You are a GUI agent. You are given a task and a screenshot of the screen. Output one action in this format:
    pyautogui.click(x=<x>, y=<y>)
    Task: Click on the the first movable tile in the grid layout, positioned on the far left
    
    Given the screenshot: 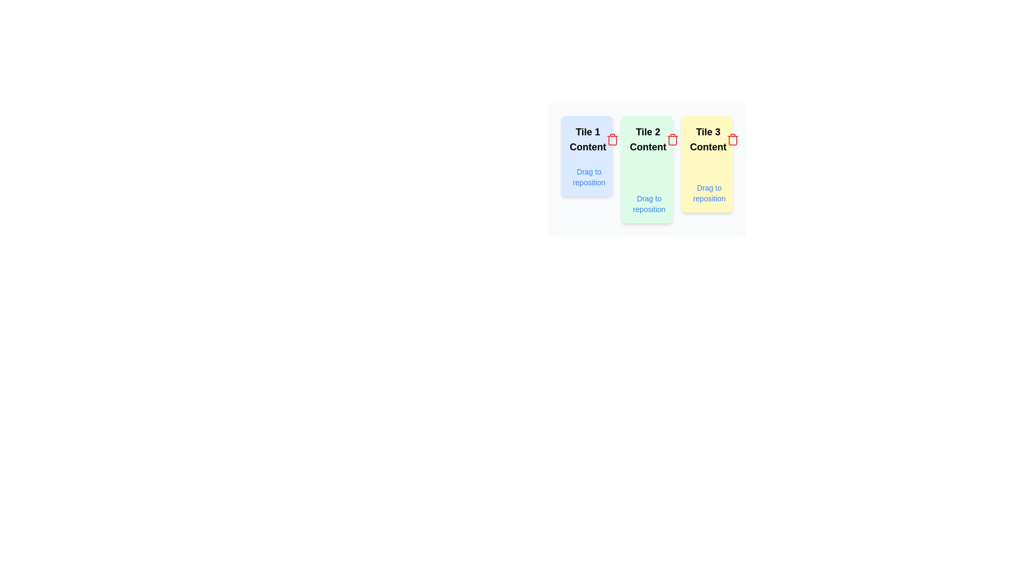 What is the action you would take?
    pyautogui.click(x=586, y=156)
    